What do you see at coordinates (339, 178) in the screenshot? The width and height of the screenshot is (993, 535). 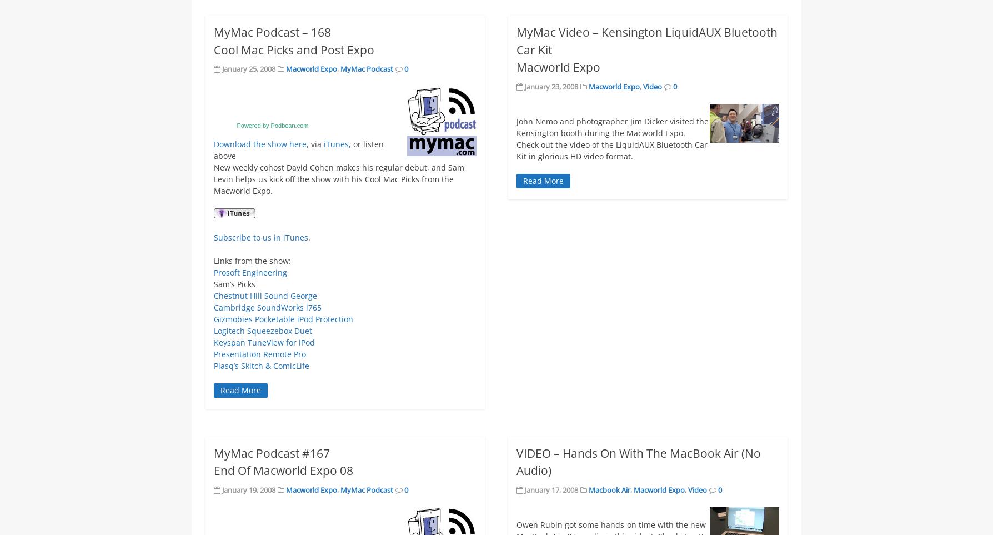 I see `'New weekly cohost David Cohen makes his regular debut, and Sam Levin helps us kick off the show with his Cool Mac Picks from the Macworld Expo.'` at bounding box center [339, 178].